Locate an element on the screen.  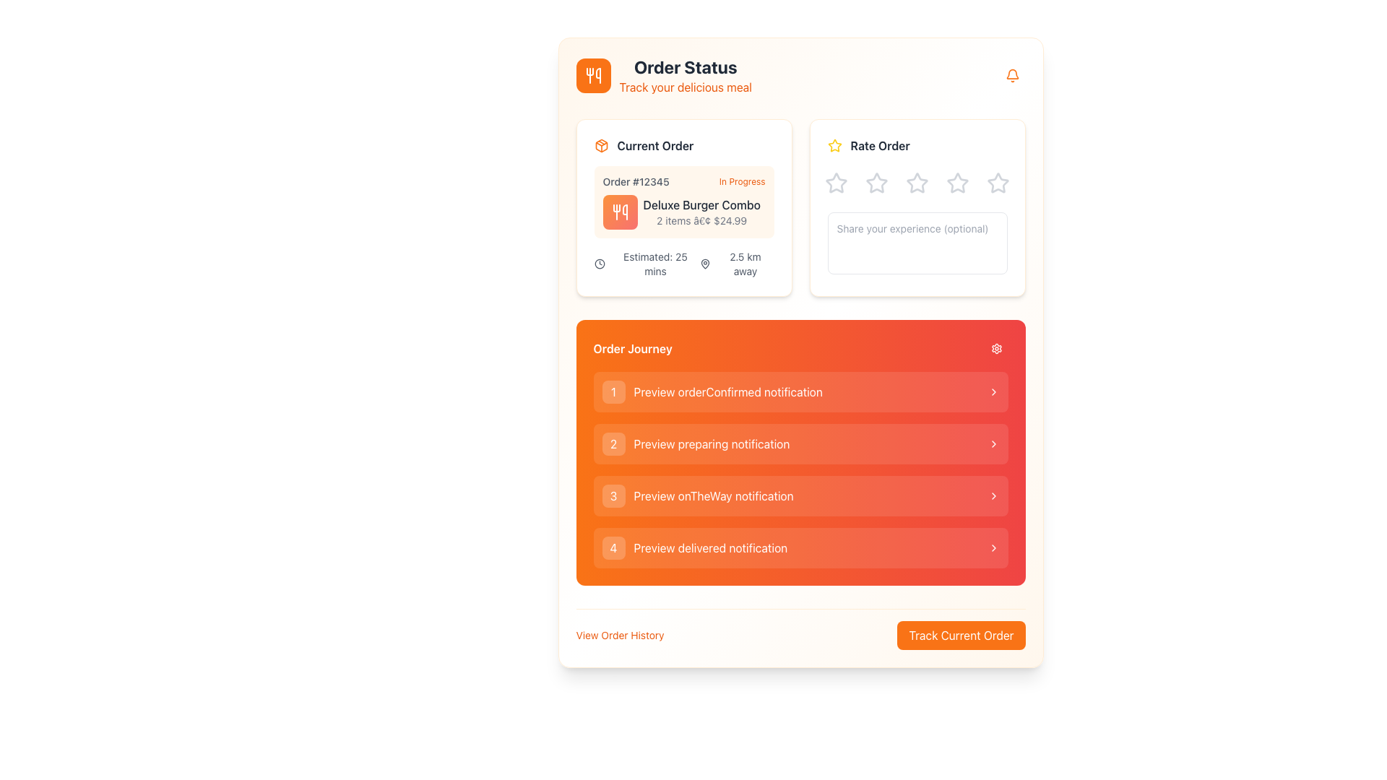
the label displaying 'Estimated: 25 mins' in the 'Current Order' section, which is styled in gray text and aligned to the left is located at coordinates (654, 264).